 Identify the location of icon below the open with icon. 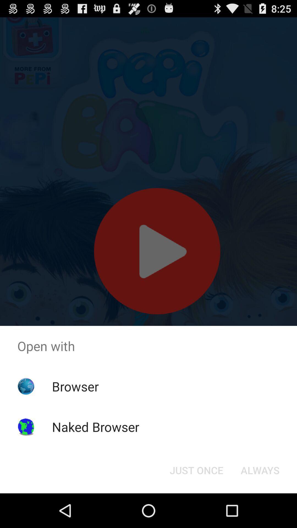
(260, 470).